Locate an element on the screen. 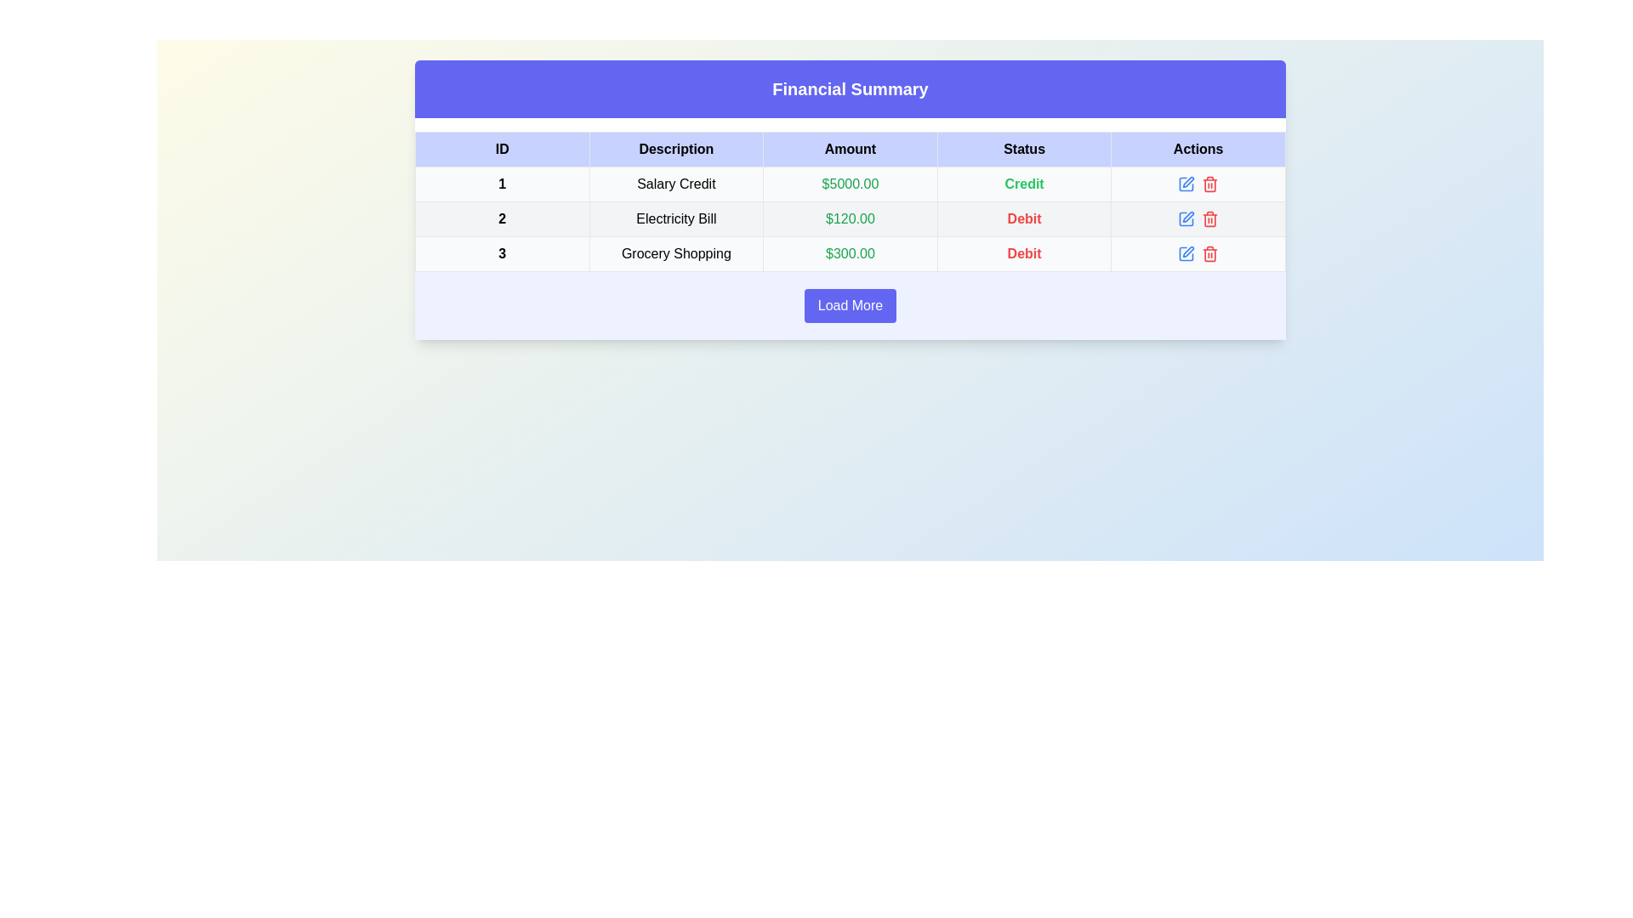 The width and height of the screenshot is (1633, 918). transaction data from the first row in the financial summary table, which includes ID '1', Description 'Salary Credit', Amount '$5000.00', and Status 'Credit' is located at coordinates (850, 184).